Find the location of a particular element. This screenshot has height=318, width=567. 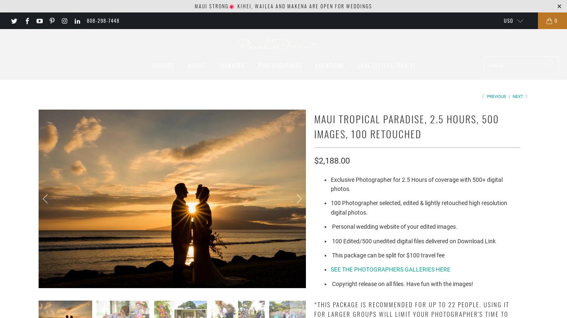

'Locations' is located at coordinates (315, 64).